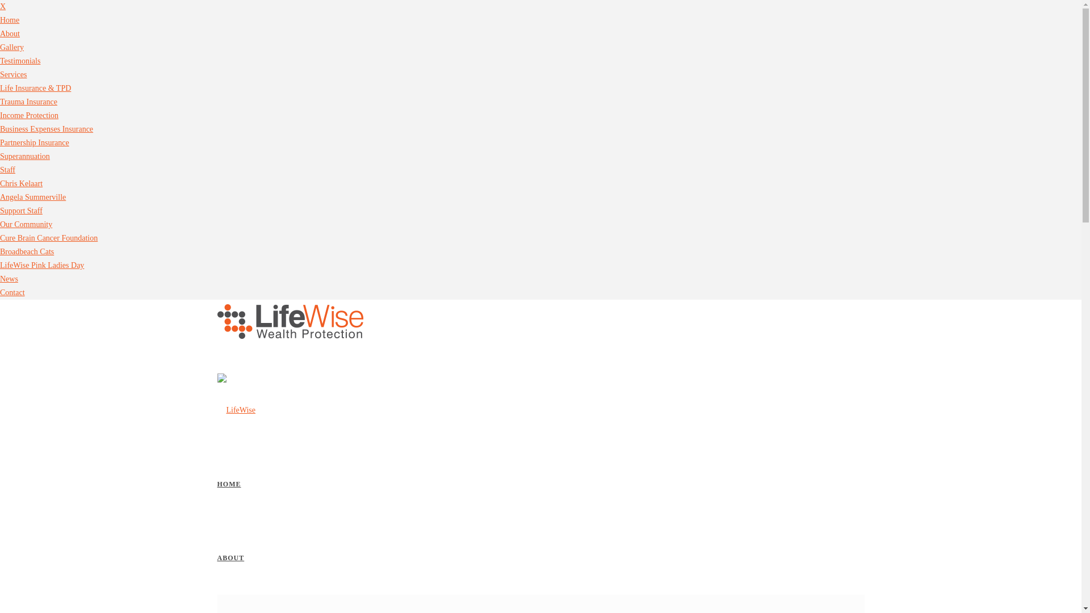 The image size is (1090, 613). I want to click on 'Services', so click(13, 74).